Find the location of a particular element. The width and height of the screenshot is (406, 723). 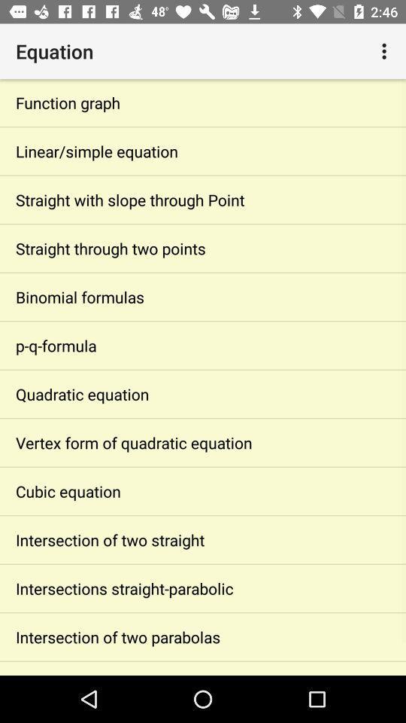

item above the p-q-formula app is located at coordinates (203, 296).